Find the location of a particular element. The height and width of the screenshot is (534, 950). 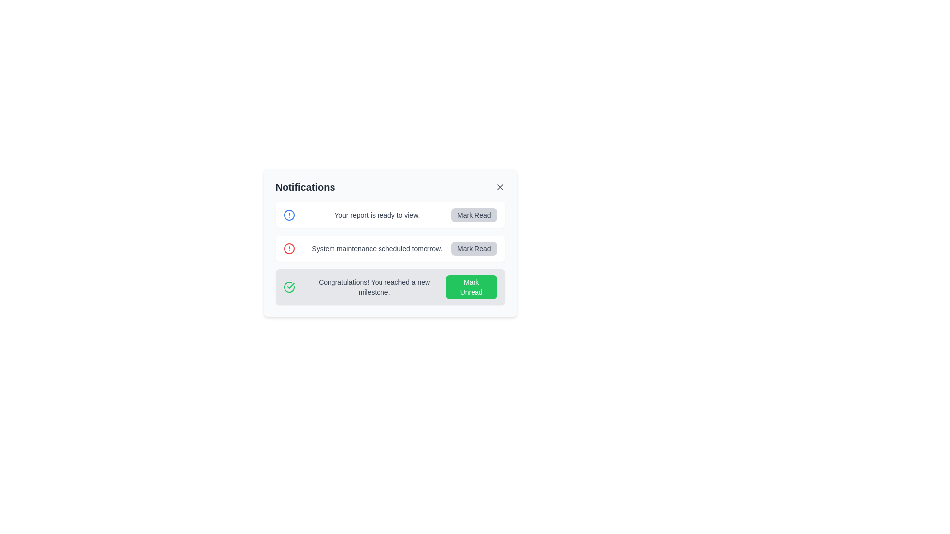

the button that marks the notification 'System maintenance scheduled tomorrow' as read for additional information is located at coordinates (474, 248).